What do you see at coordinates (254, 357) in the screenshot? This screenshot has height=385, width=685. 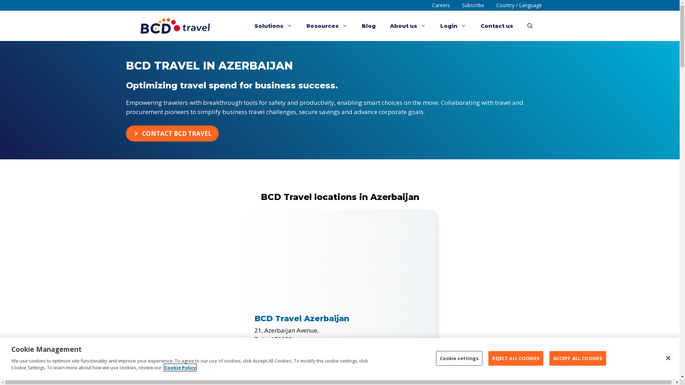 I see `'corpdep@bcdtravel.az'` at bounding box center [254, 357].